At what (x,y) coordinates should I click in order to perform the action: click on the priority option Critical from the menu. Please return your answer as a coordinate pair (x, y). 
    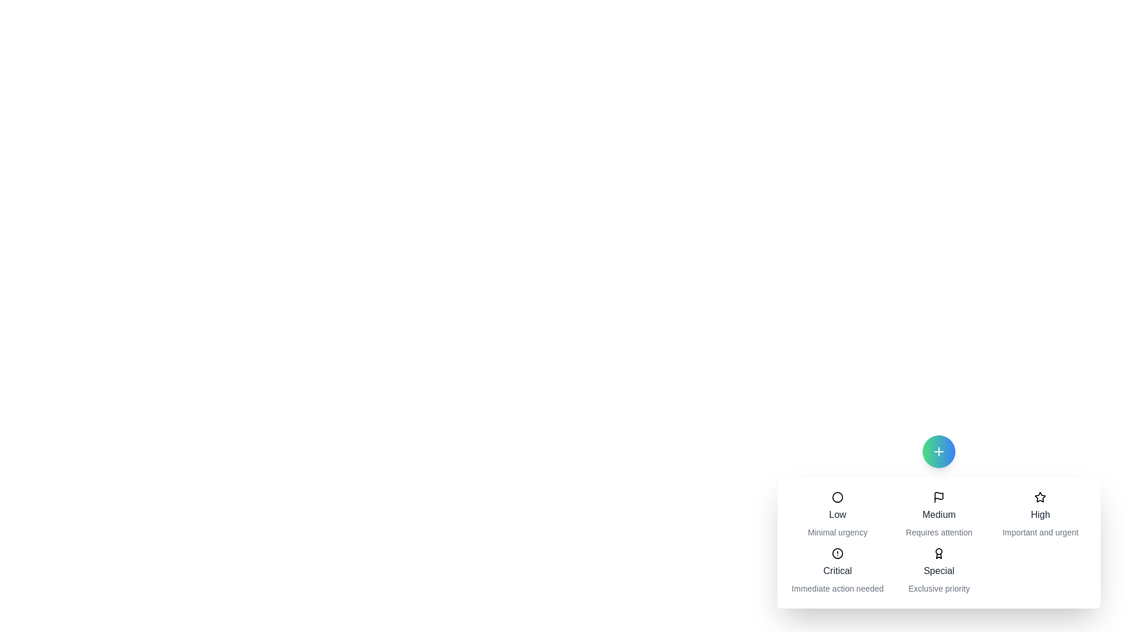
    Looking at the image, I should click on (837, 570).